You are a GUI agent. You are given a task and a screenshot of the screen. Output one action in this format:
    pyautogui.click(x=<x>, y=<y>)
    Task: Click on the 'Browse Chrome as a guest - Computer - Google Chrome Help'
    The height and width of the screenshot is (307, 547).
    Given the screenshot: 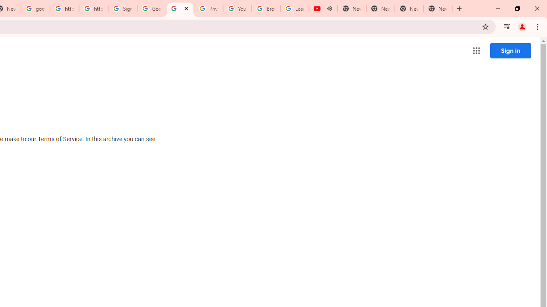 What is the action you would take?
    pyautogui.click(x=265, y=9)
    